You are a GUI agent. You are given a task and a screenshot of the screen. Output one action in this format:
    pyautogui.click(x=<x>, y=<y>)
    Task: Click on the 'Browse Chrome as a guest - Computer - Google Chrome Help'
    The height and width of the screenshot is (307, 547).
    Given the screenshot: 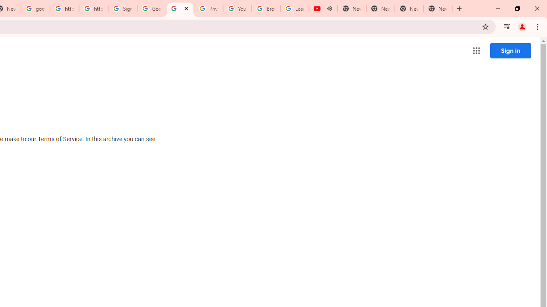 What is the action you would take?
    pyautogui.click(x=265, y=9)
    